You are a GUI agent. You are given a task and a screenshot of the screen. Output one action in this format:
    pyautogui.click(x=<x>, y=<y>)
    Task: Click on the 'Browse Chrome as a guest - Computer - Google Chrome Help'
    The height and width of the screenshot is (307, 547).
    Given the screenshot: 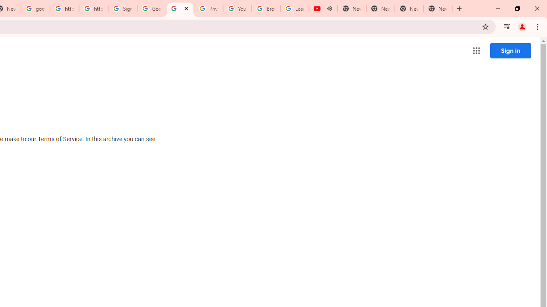 What is the action you would take?
    pyautogui.click(x=265, y=9)
    